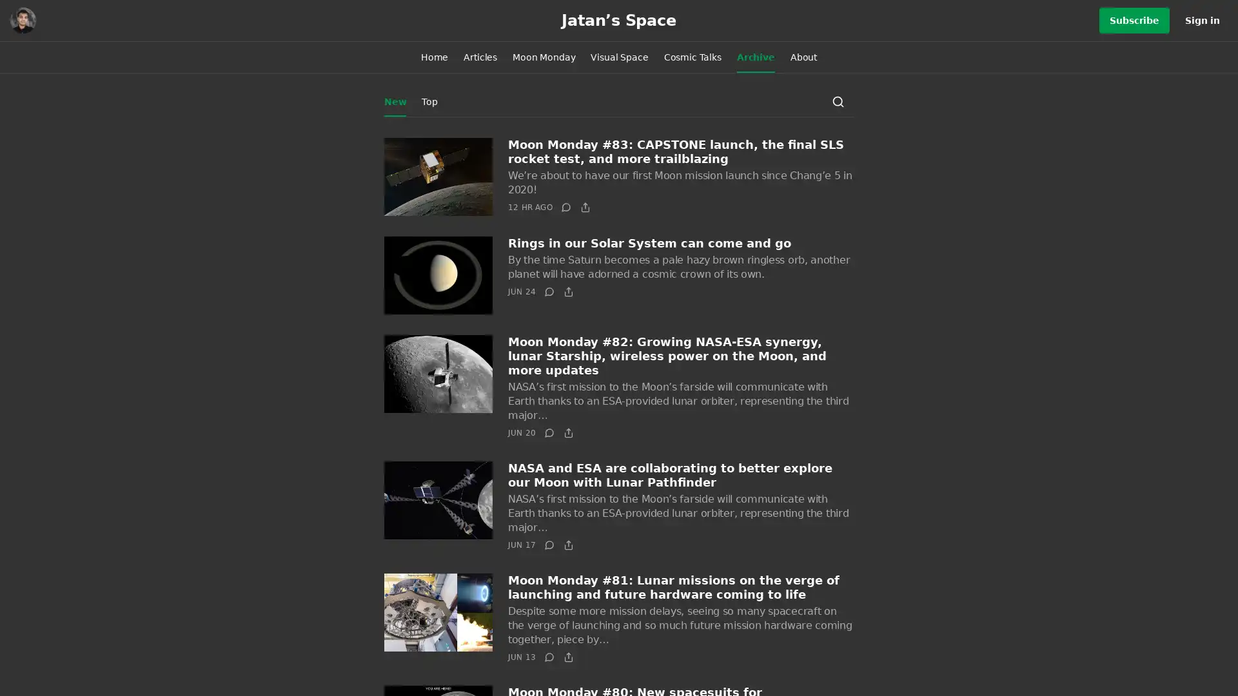 This screenshot has width=1238, height=696. Describe the element at coordinates (434, 56) in the screenshot. I see `Home` at that location.